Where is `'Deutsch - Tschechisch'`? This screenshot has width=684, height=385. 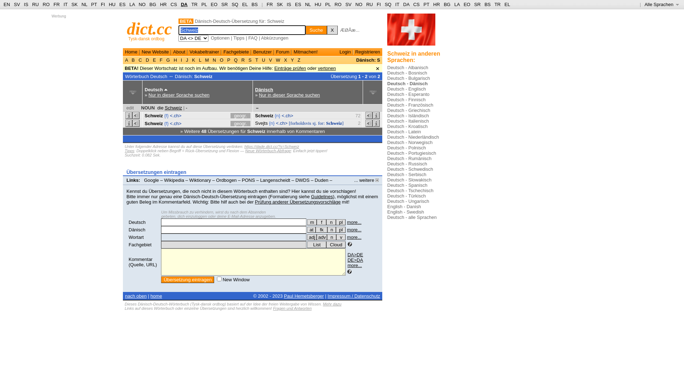
'Deutsch - Tschechisch' is located at coordinates (410, 190).